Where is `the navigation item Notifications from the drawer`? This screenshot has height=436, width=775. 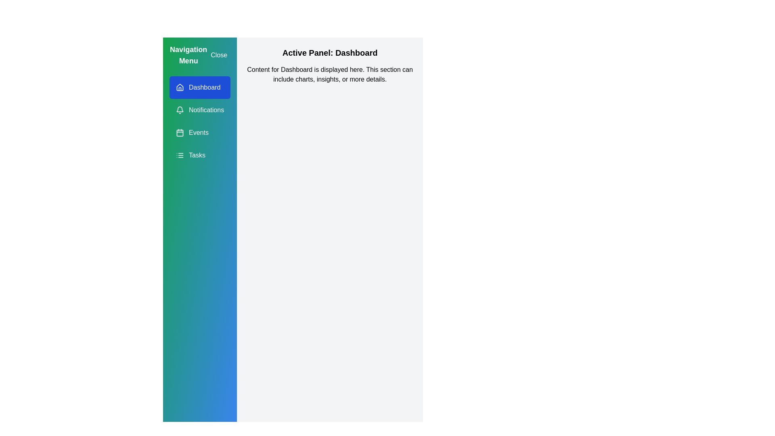
the navigation item Notifications from the drawer is located at coordinates (200, 110).